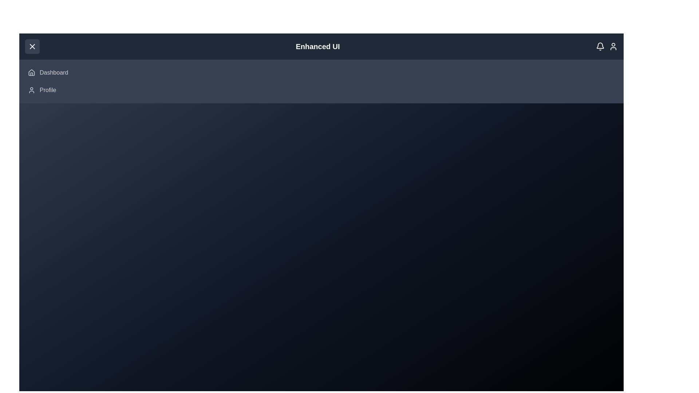 This screenshot has height=393, width=699. Describe the element at coordinates (54, 73) in the screenshot. I see `the 'Dashboard' menu item to navigate to the 'Dashboard' section` at that location.